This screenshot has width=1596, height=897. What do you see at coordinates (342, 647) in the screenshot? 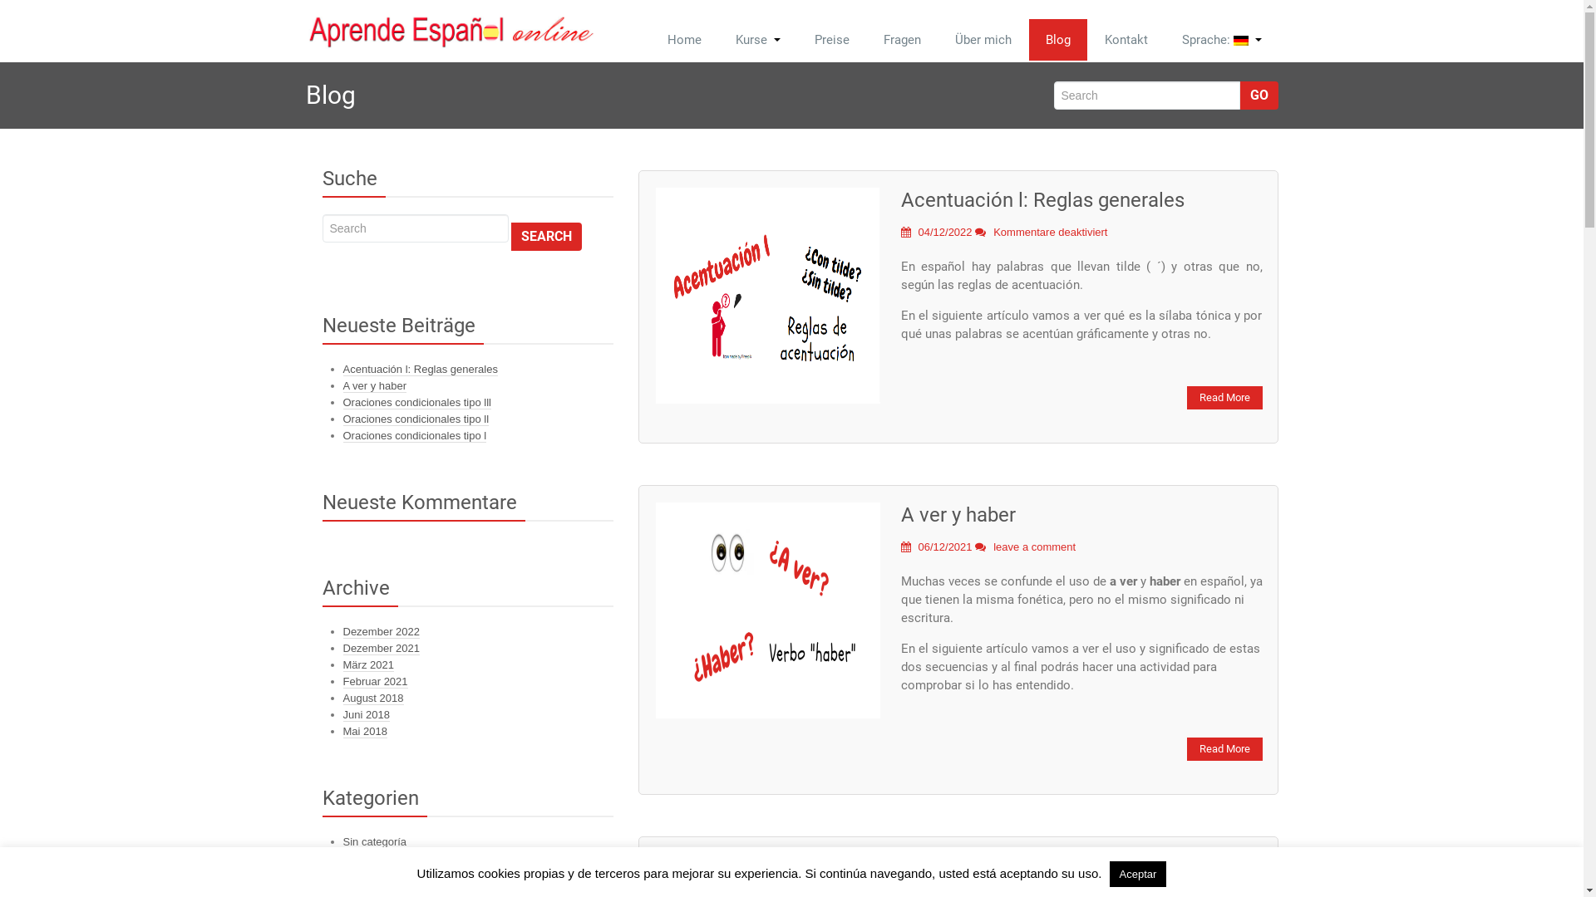
I see `'Dezember 2021'` at bounding box center [342, 647].